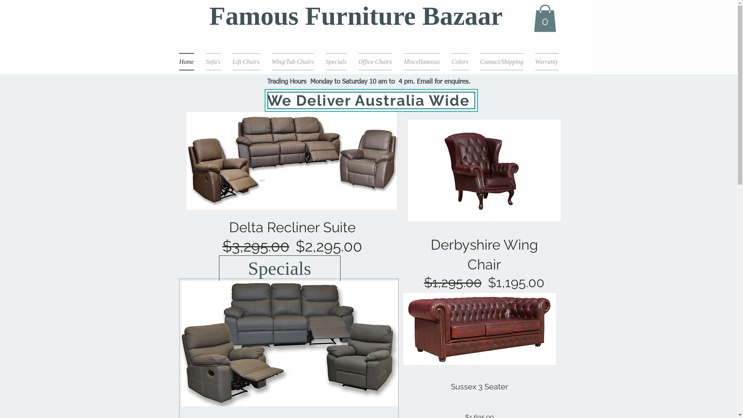 Image resolution: width=743 pixels, height=418 pixels. Describe the element at coordinates (336, 61) in the screenshot. I see `'Specials'` at that location.